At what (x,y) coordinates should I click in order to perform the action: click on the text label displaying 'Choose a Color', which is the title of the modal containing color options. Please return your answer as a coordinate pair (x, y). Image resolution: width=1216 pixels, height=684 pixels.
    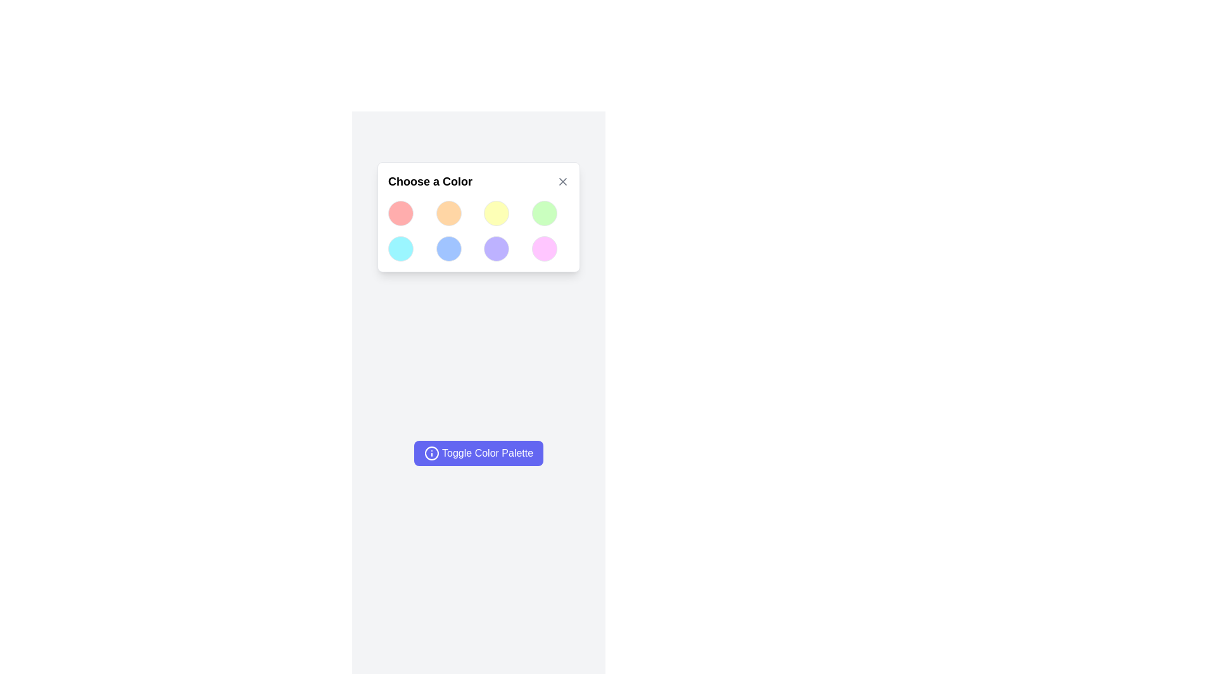
    Looking at the image, I should click on (430, 181).